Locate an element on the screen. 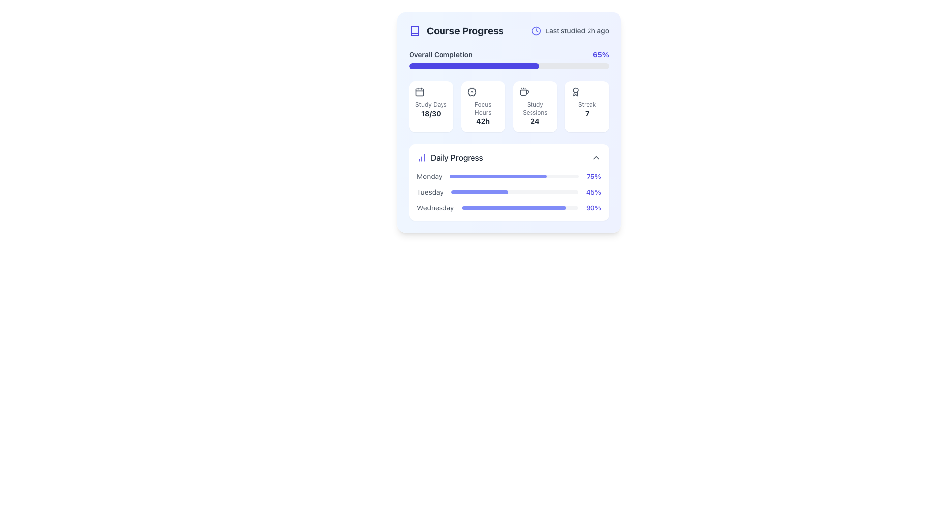 The image size is (944, 531). the Text Label that describes the bold number '24', located in a card with rounded corners and a white background is located at coordinates (534, 108).